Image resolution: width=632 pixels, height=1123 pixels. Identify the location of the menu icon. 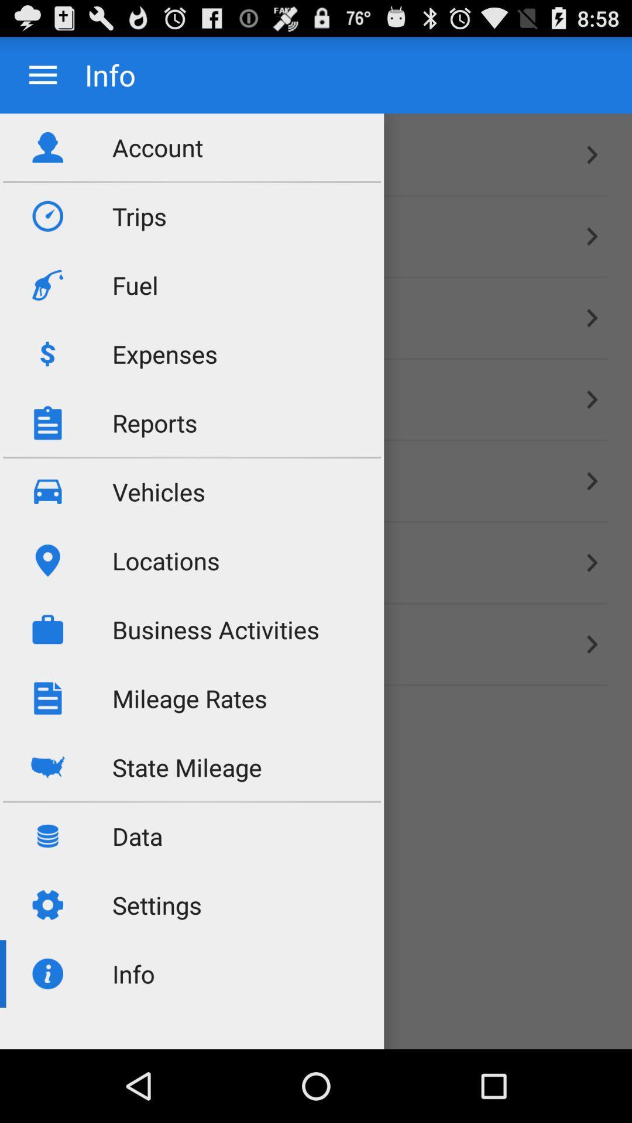
(42, 80).